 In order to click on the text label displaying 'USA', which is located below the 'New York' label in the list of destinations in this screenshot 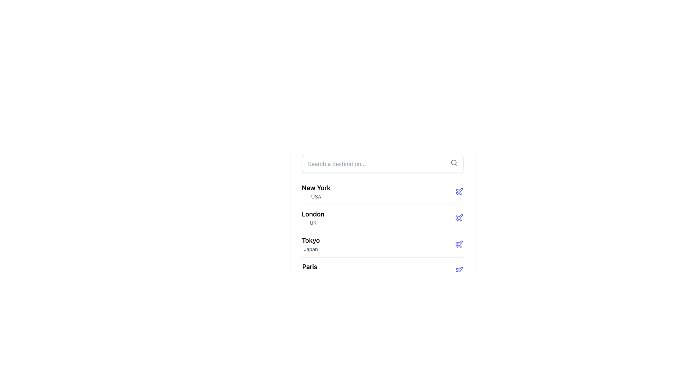, I will do `click(316, 197)`.